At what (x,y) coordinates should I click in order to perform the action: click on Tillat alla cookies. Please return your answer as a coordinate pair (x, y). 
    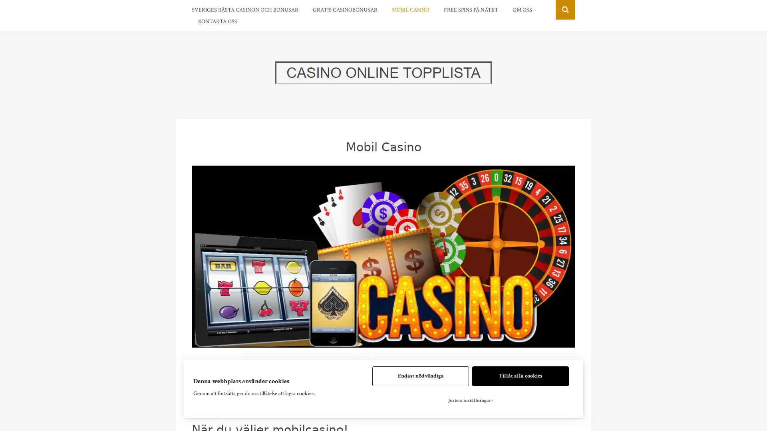
    Looking at the image, I should click on (520, 376).